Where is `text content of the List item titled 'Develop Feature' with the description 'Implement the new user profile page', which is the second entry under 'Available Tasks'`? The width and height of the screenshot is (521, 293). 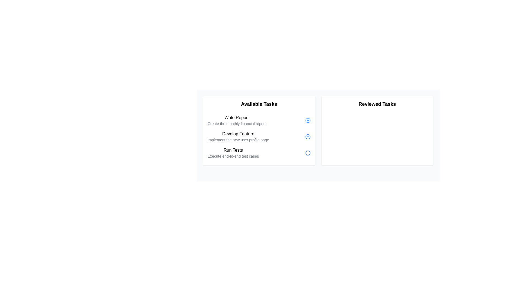
text content of the List item titled 'Develop Feature' with the description 'Implement the new user profile page', which is the second entry under 'Available Tasks' is located at coordinates (238, 136).